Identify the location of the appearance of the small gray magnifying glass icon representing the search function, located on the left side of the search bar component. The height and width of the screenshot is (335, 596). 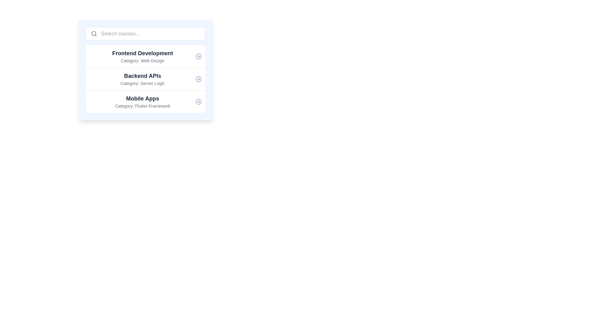
(93, 33).